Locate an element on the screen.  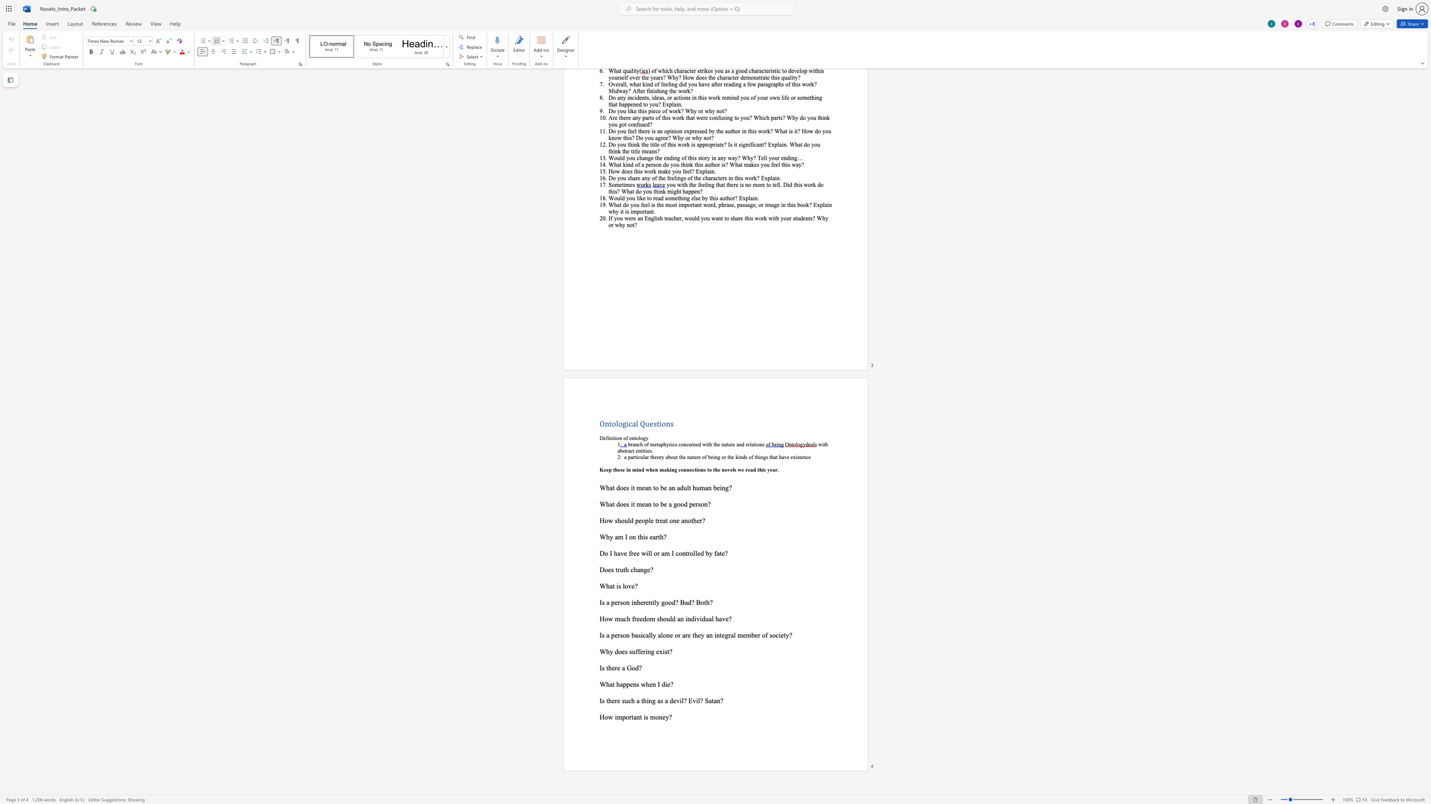
the space between the continuous character "n" and "e" in the text is located at coordinates (696, 444).